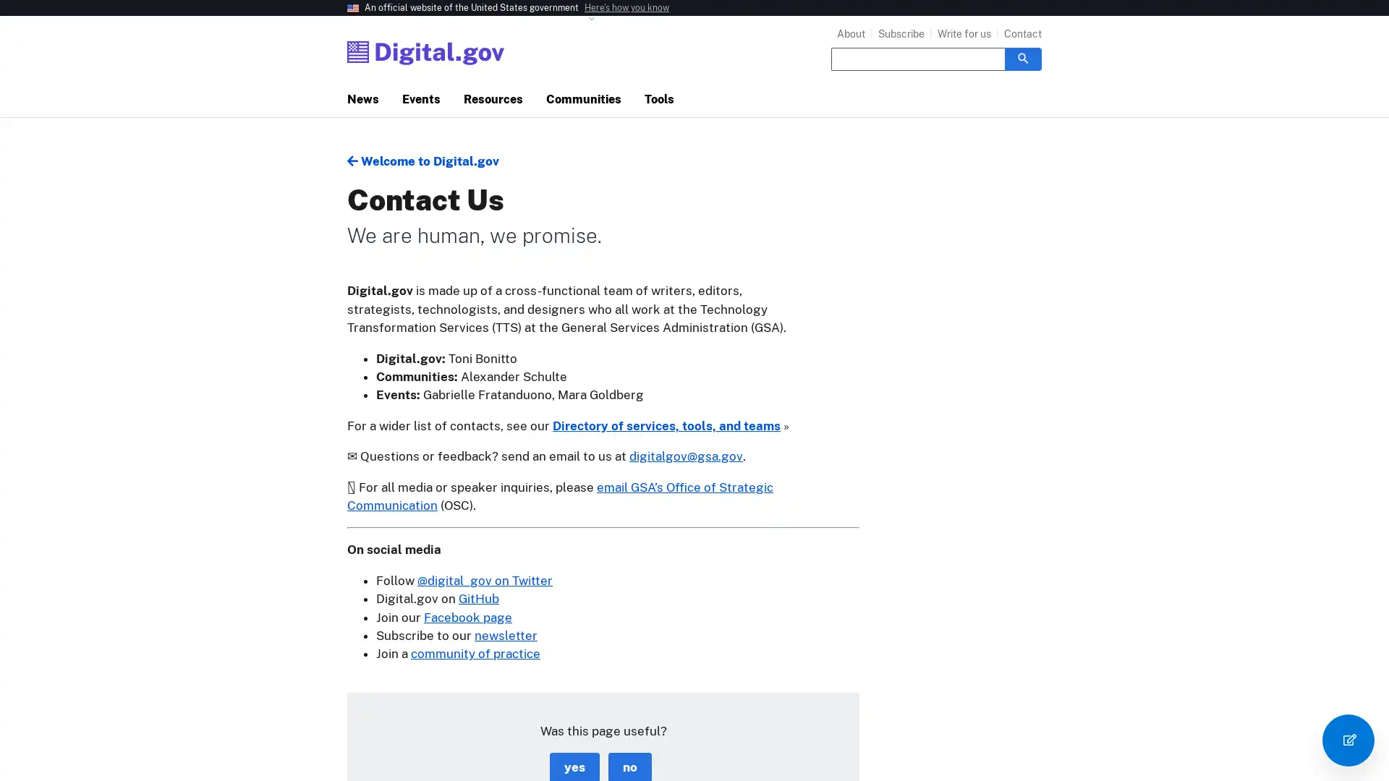  I want to click on Heres how you know, so click(626, 8).